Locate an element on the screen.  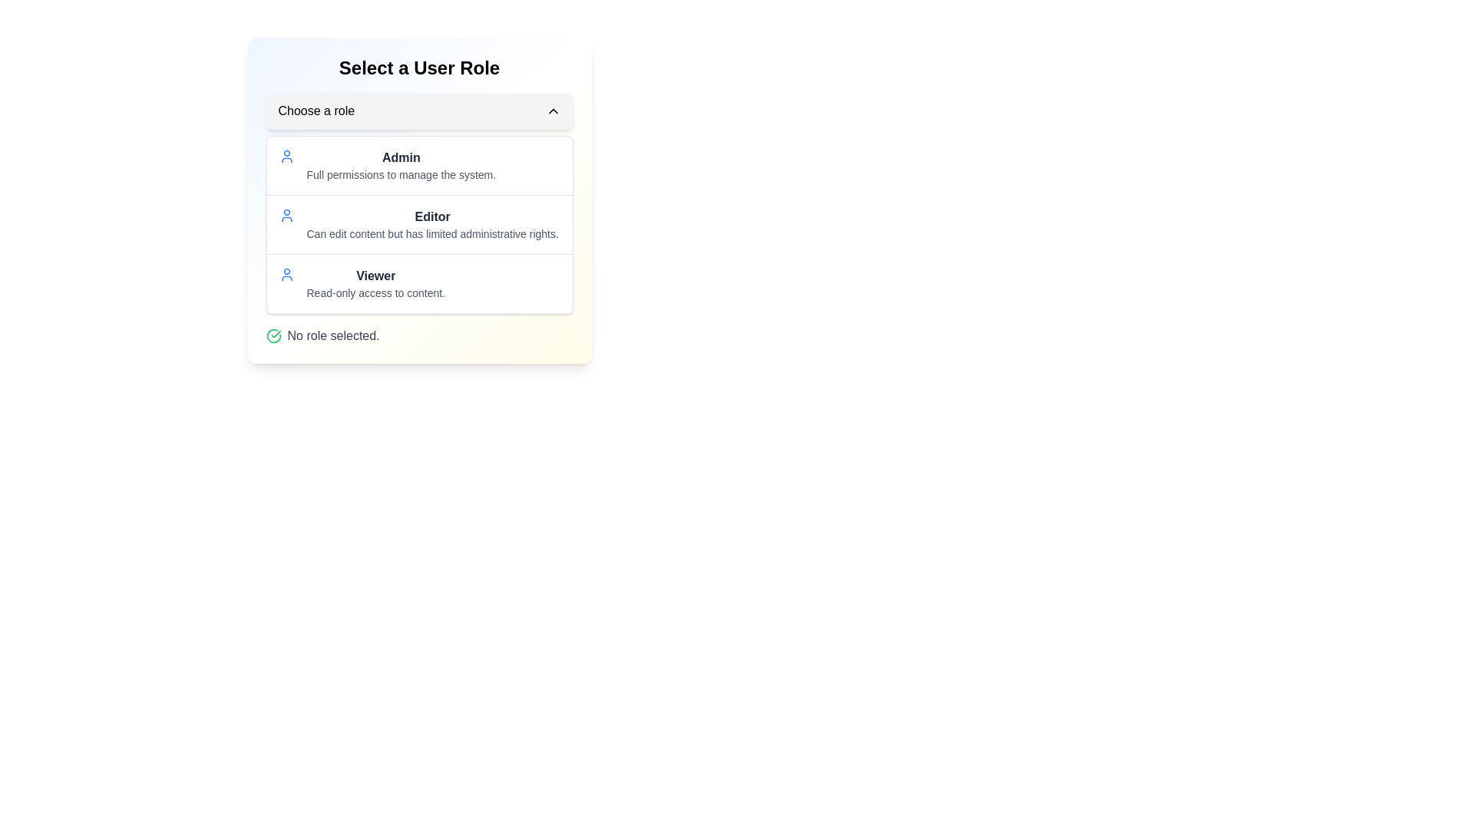
the user role selection interface located in the 'Select a User Role' section, which presents the roles 'Admin,' 'Editor,' and 'Viewer.' is located at coordinates (419, 225).